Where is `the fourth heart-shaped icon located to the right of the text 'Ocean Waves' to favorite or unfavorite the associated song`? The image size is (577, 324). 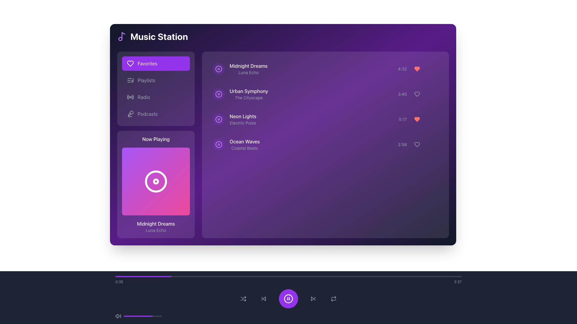
the fourth heart-shaped icon located to the right of the text 'Ocean Waves' to favorite or unfavorite the associated song is located at coordinates (417, 145).